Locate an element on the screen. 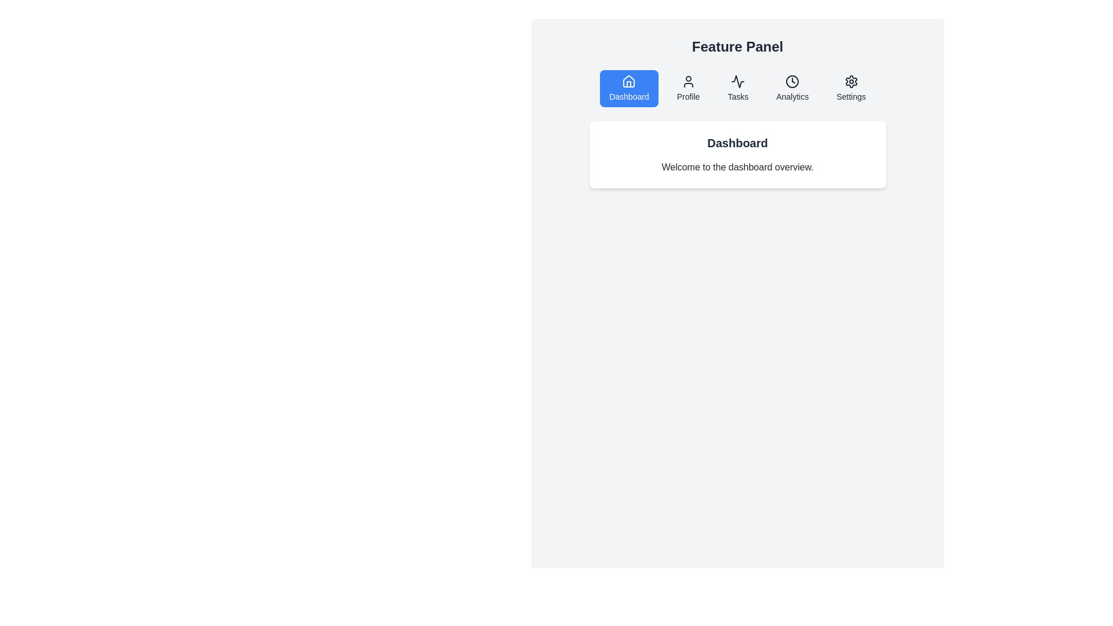 This screenshot has height=626, width=1113. the 'Settings' text label located below the gear icon in the feature navigation menu at the top right corner of the interface is located at coordinates (851, 96).